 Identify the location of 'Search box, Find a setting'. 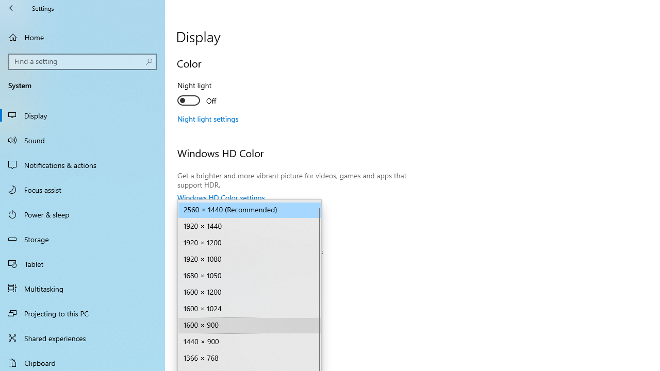
(82, 61).